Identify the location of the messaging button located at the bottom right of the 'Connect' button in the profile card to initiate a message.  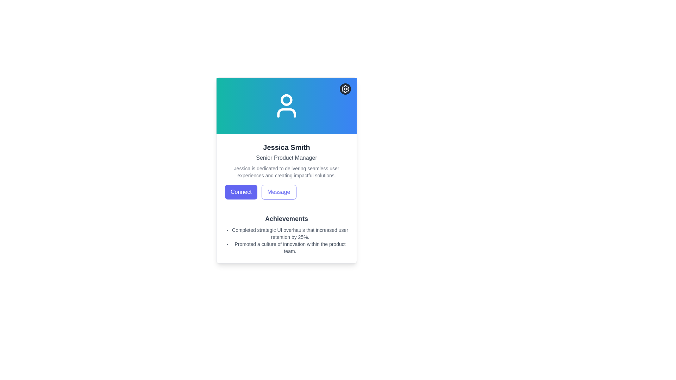
(287, 198).